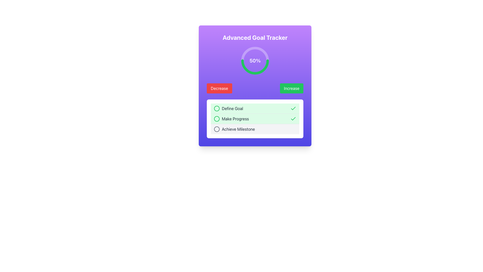 The image size is (483, 272). Describe the element at coordinates (217, 129) in the screenshot. I see `the SVG circle icon that serves as a marker for the 'Achieve Milestone' item in the third row of the checklist within the Advanced Goal Tracker interface` at that location.